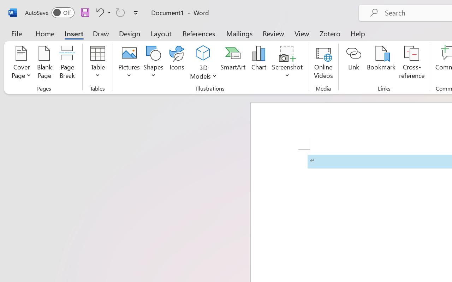  Describe the element at coordinates (203, 53) in the screenshot. I see `'3D Models'` at that location.